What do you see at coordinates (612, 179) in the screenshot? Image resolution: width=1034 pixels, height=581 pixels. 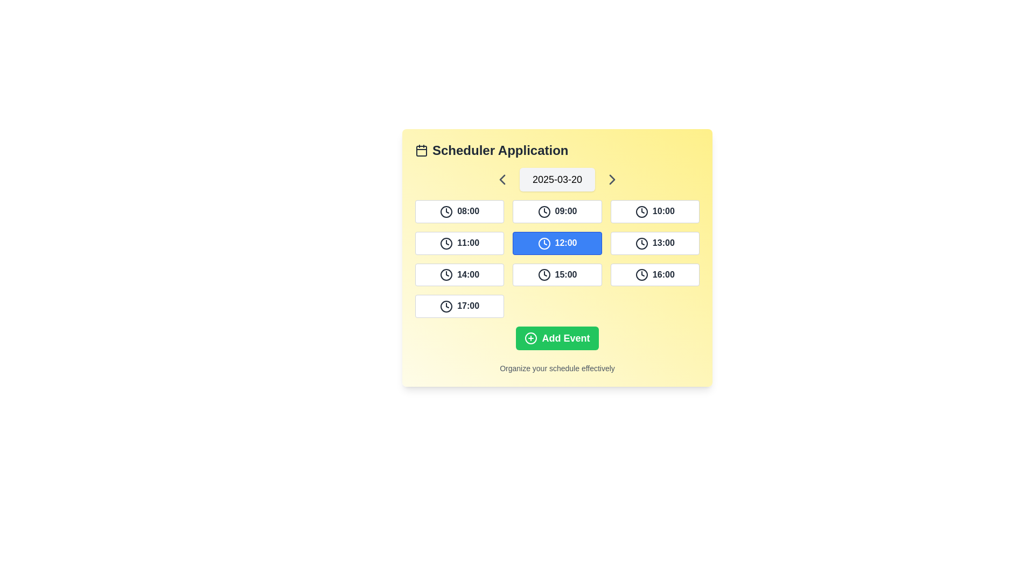 I see `the rightward navigation chevron icon located next to the date input field displaying '2025-03-20' in the Scheduler Application` at bounding box center [612, 179].